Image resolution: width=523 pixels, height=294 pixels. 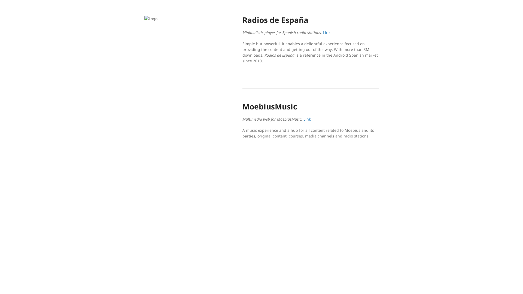 I want to click on 'Link', so click(x=307, y=119).